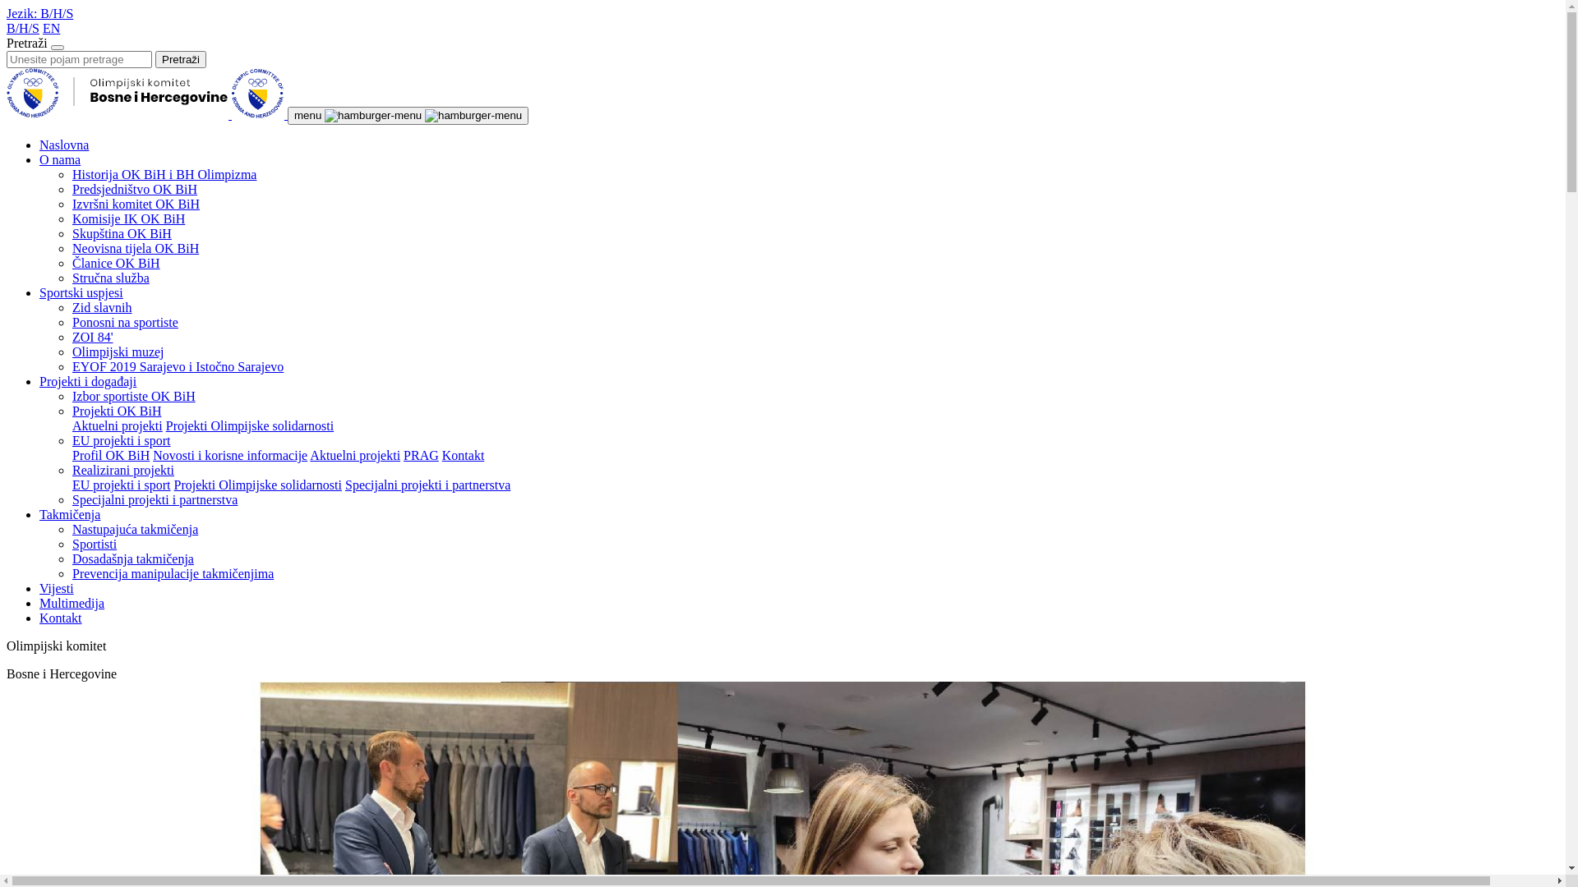 The height and width of the screenshot is (887, 1578). I want to click on 'Vijesti', so click(56, 587).